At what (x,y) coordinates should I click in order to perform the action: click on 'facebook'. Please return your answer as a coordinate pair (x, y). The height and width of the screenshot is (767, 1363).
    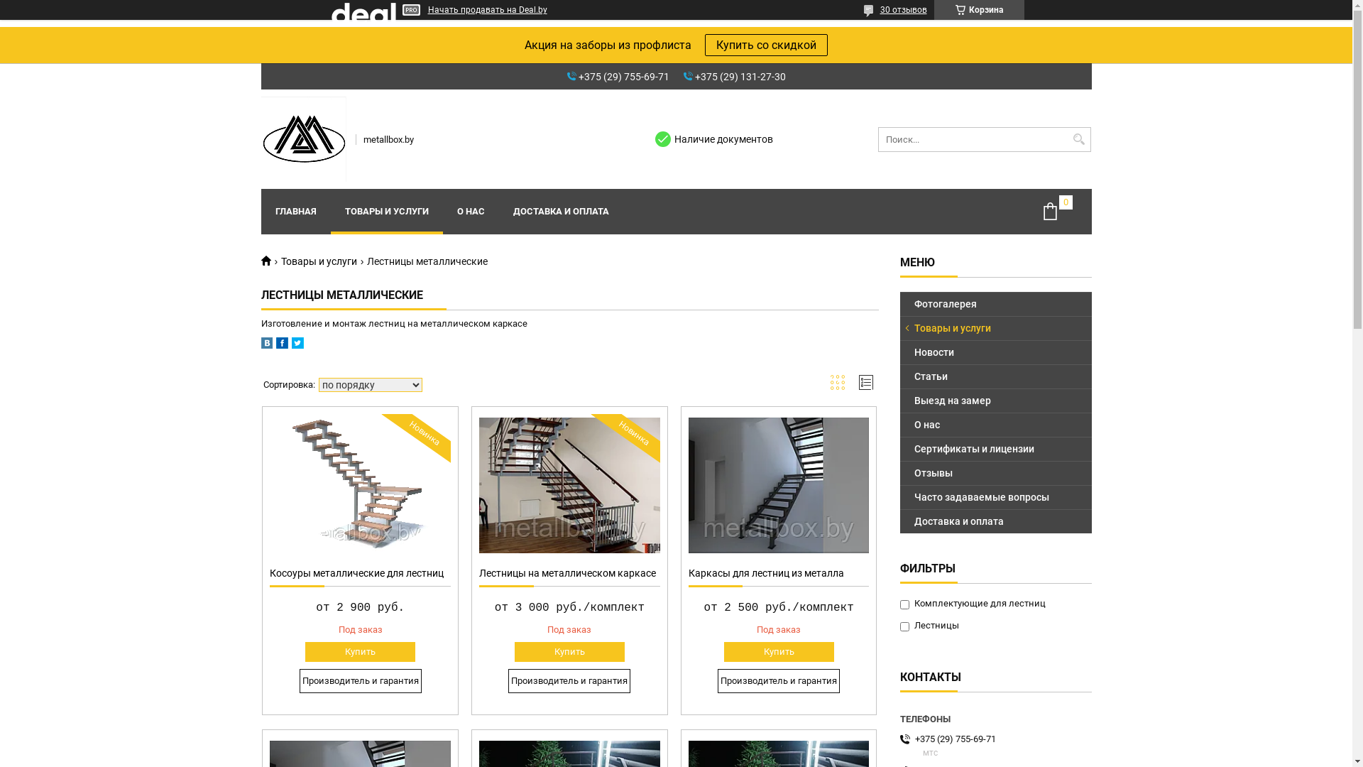
    Looking at the image, I should click on (281, 345).